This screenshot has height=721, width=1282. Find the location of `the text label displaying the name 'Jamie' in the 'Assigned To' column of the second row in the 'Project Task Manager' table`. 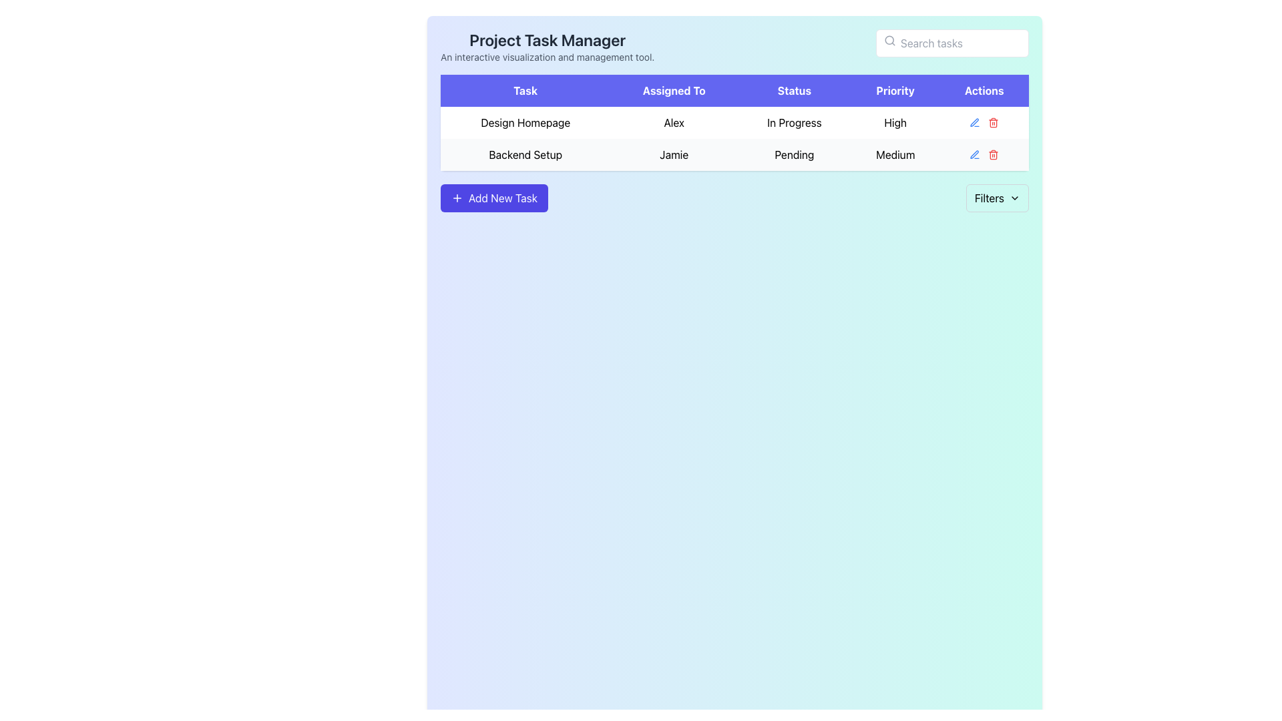

the text label displaying the name 'Jamie' in the 'Assigned To' column of the second row in the 'Project Task Manager' table is located at coordinates (674, 154).